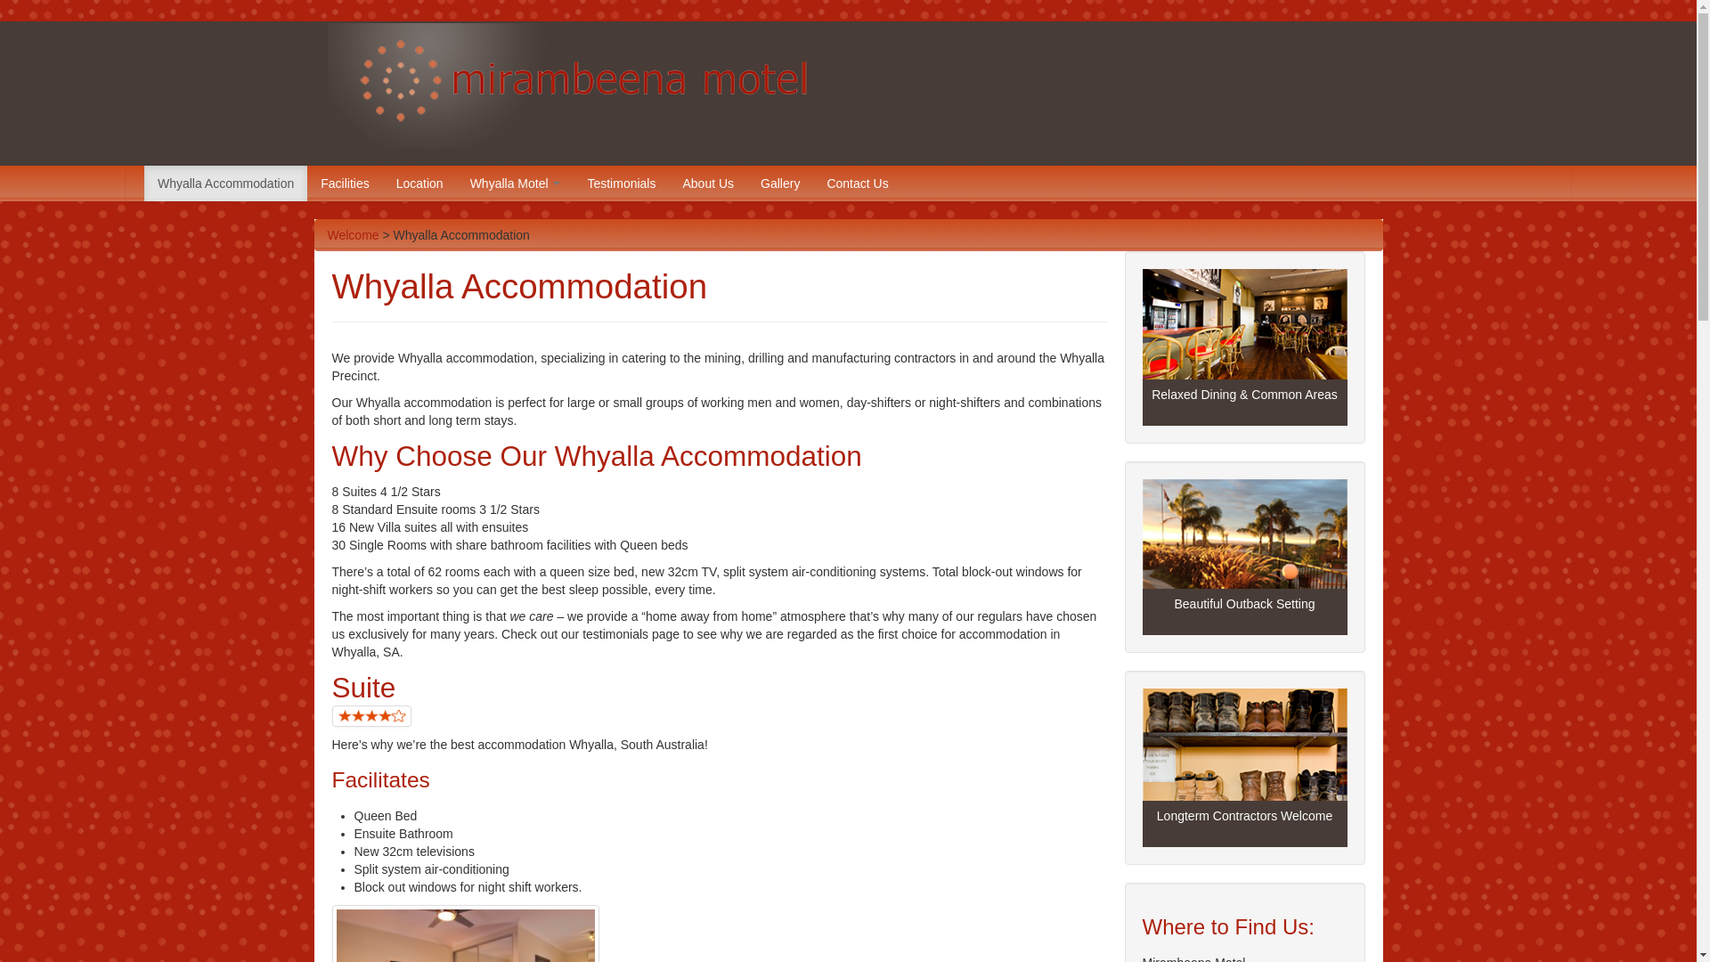  I want to click on 'Whyalla Accommodation', so click(224, 183).